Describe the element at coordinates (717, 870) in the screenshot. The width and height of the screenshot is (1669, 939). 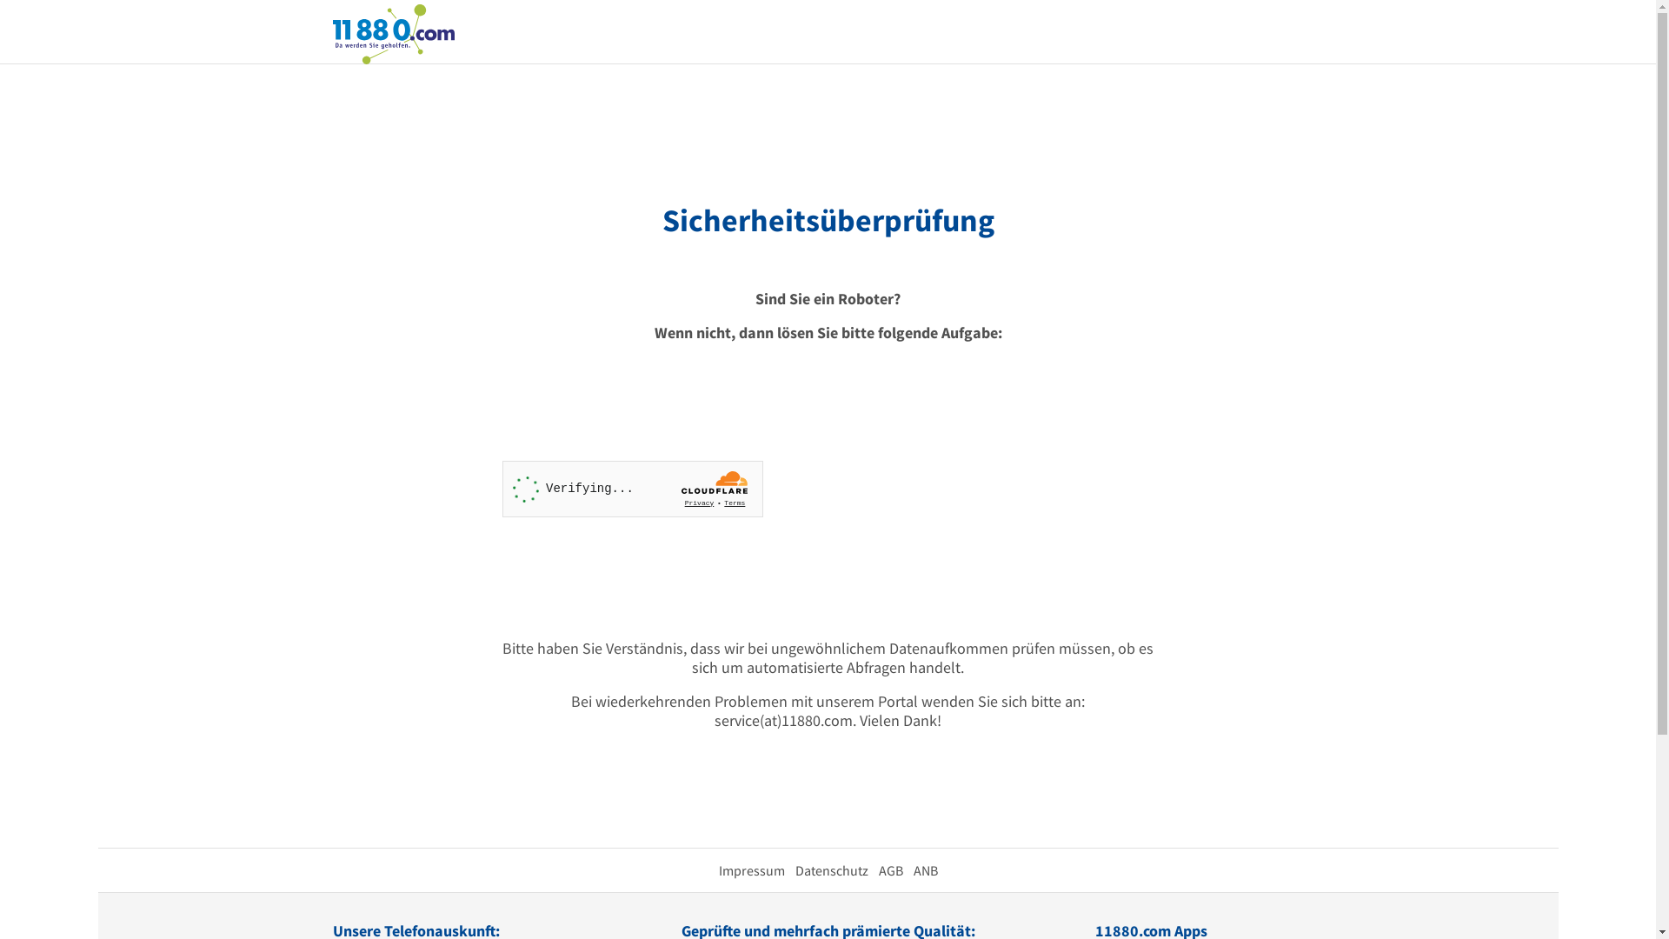
I see `'Impressum'` at that location.